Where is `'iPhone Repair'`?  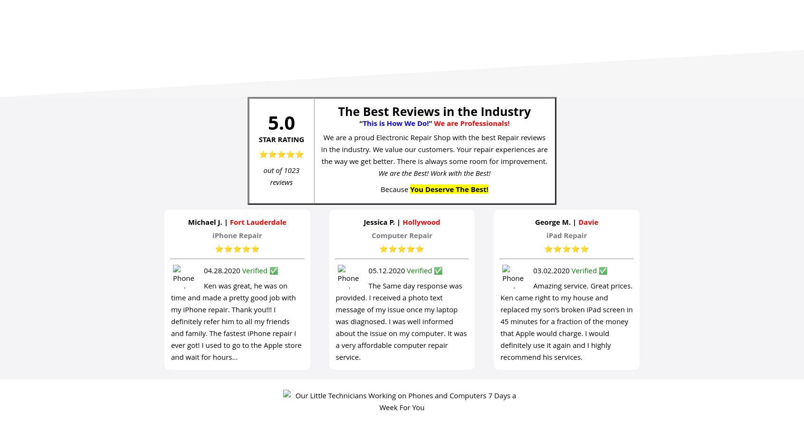 'iPhone Repair' is located at coordinates (212, 234).